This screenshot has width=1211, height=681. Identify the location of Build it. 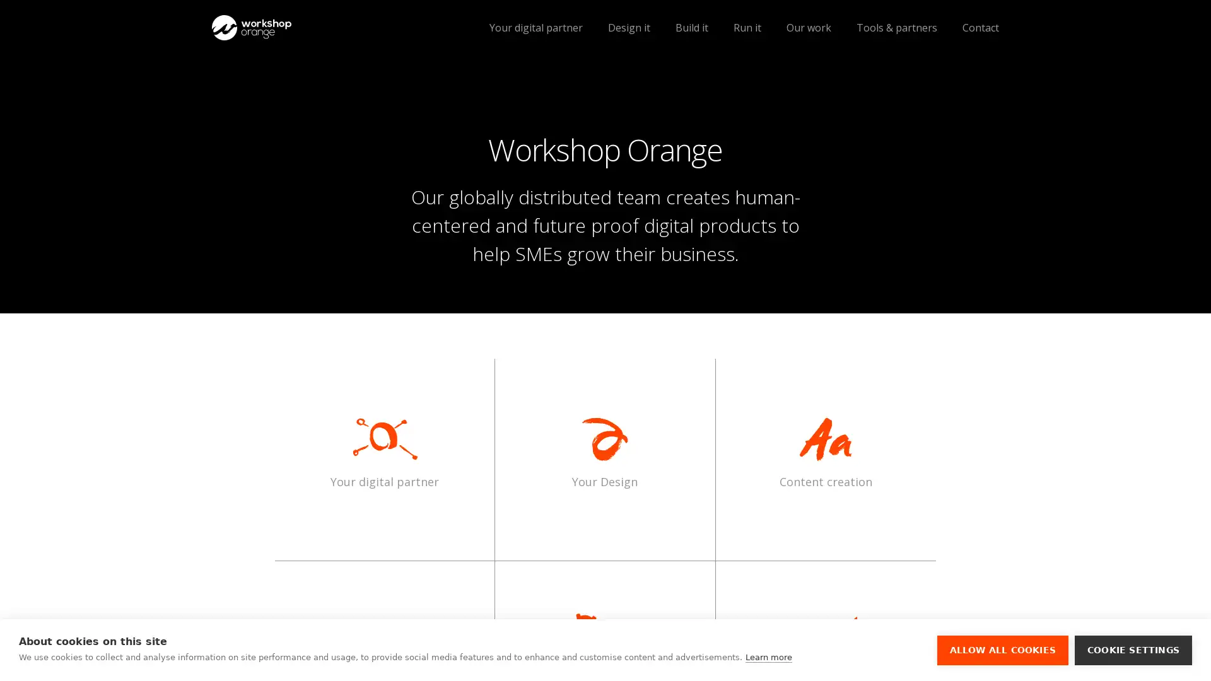
(691, 27).